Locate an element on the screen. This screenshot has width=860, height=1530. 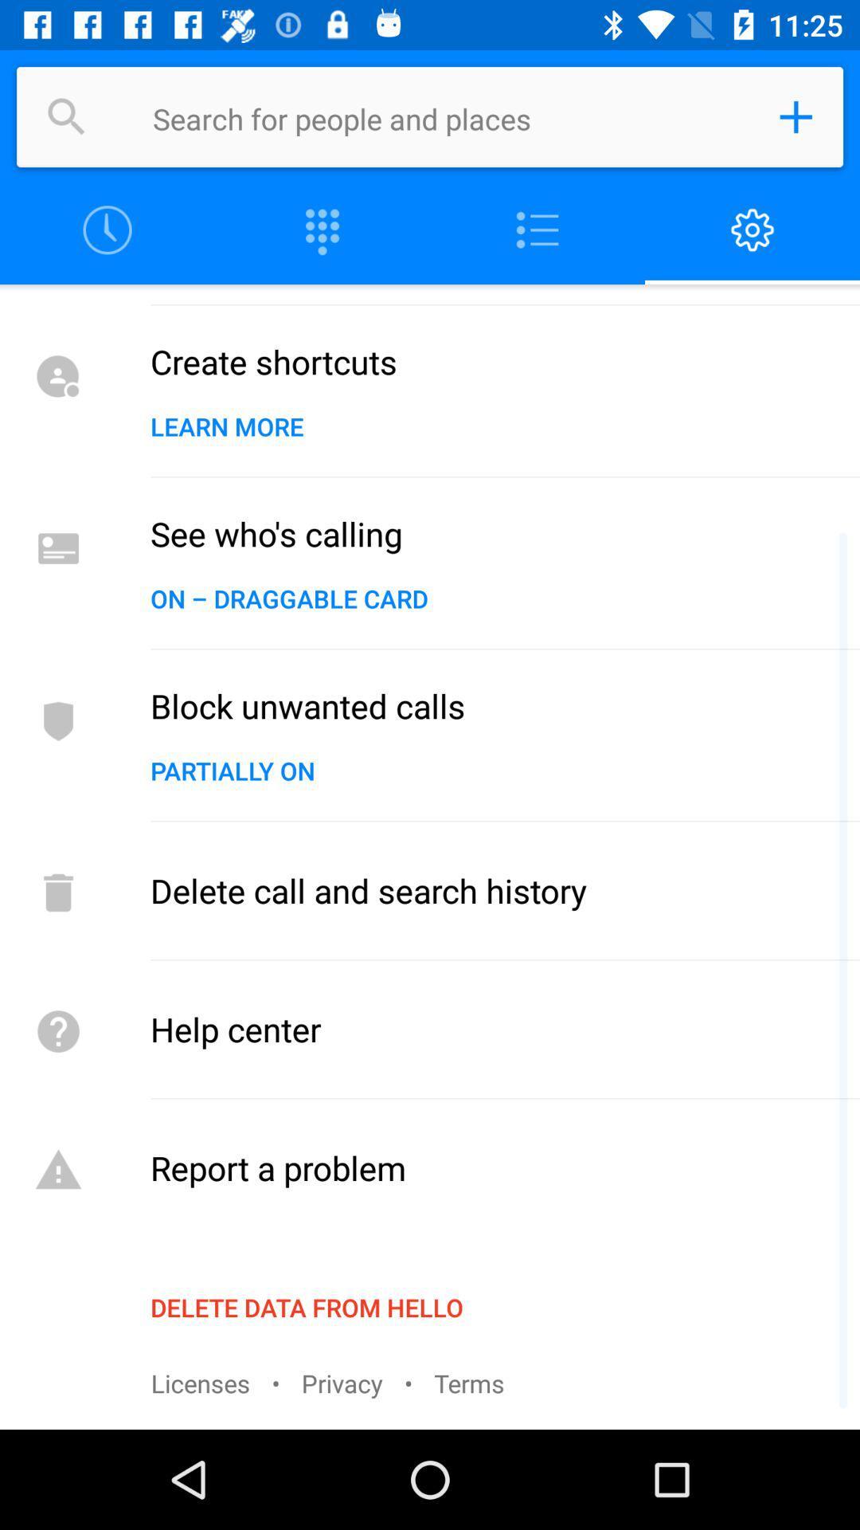
the search icon is located at coordinates (66, 116).